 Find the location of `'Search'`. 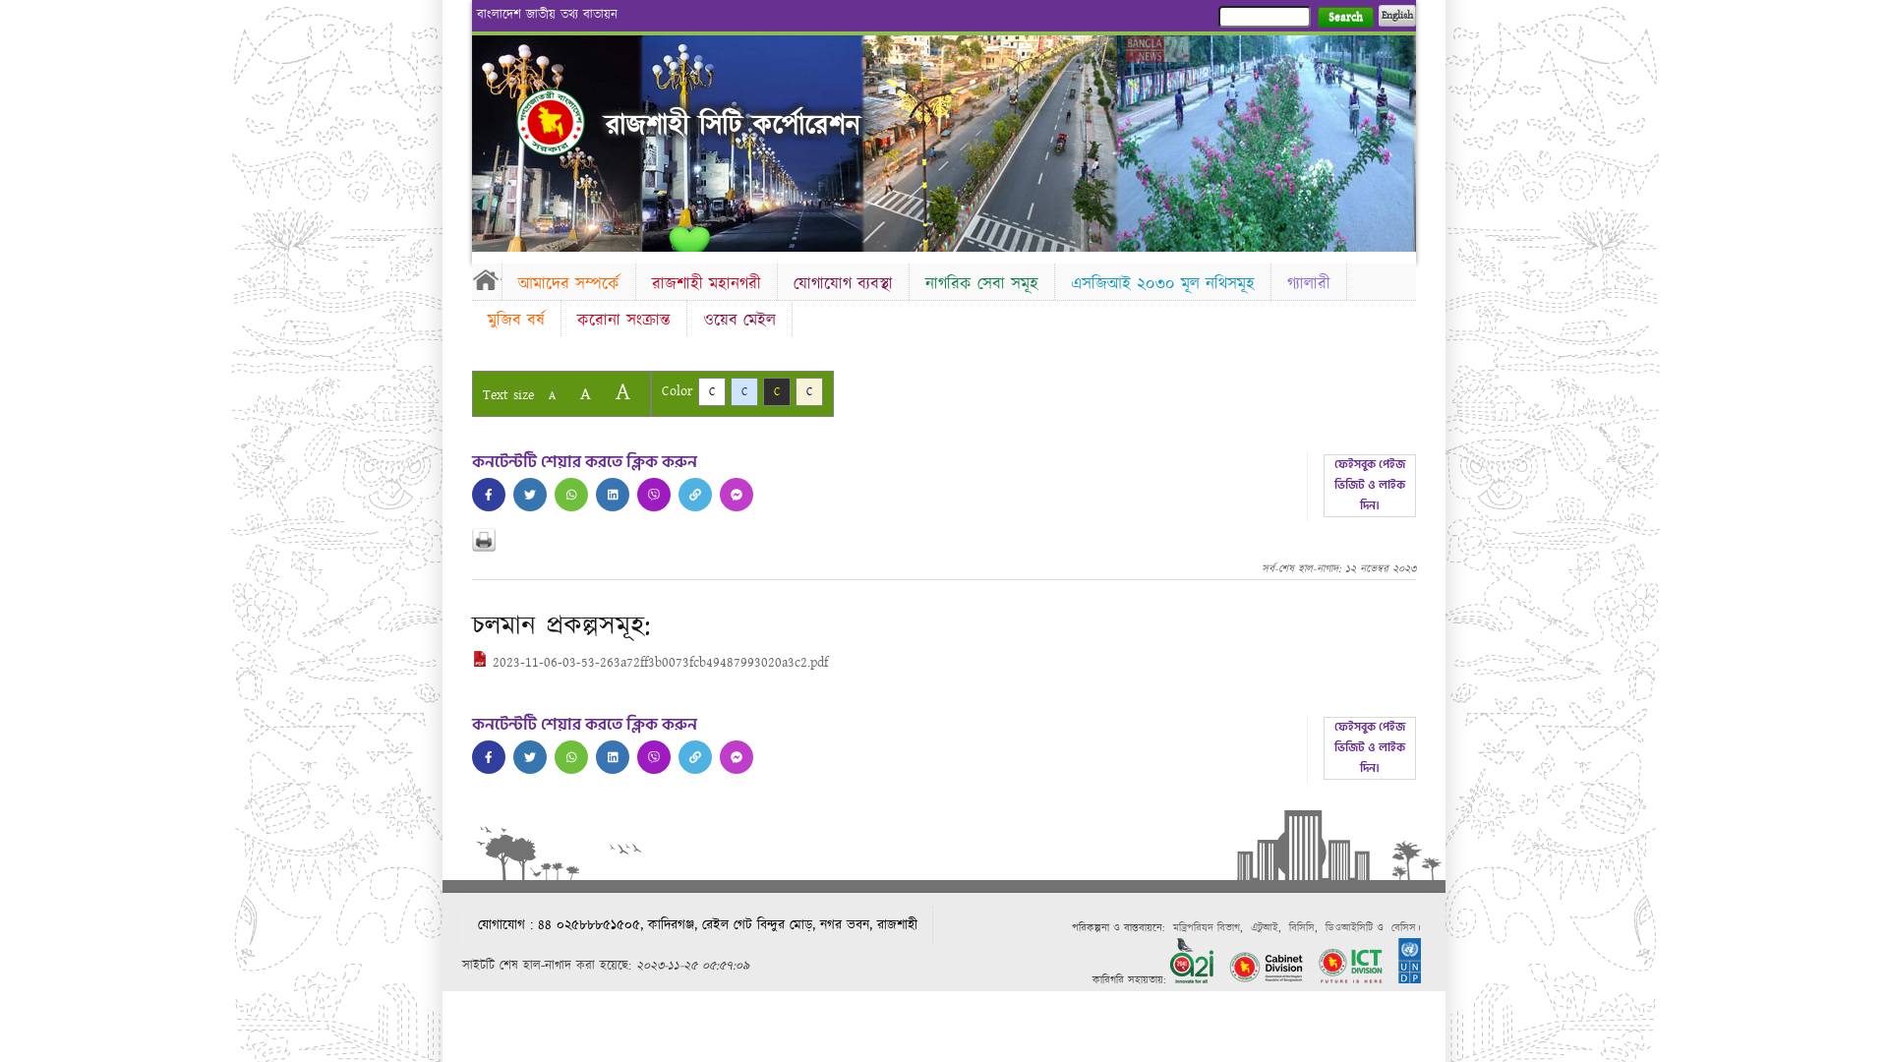

'Search' is located at coordinates (1344, 17).